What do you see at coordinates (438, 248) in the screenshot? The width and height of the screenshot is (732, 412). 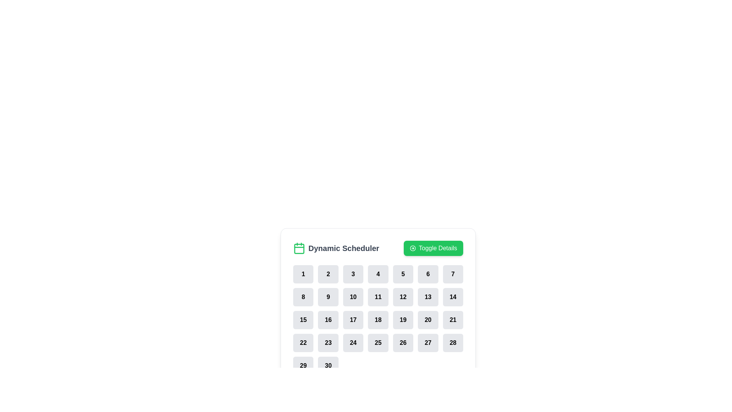 I see `the label that serves as a textual part of a button in the header area of the 'Dynamic Scheduler' interface, located to the right of the calendar icon and adjacent text` at bounding box center [438, 248].